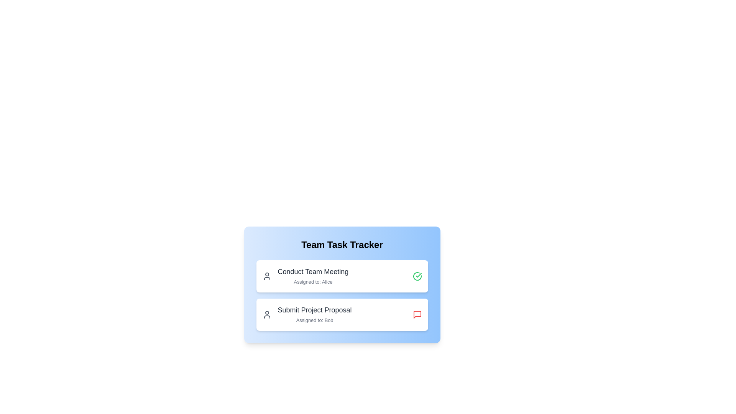  What do you see at coordinates (342, 276) in the screenshot?
I see `the task item to view its title and recipient details` at bounding box center [342, 276].